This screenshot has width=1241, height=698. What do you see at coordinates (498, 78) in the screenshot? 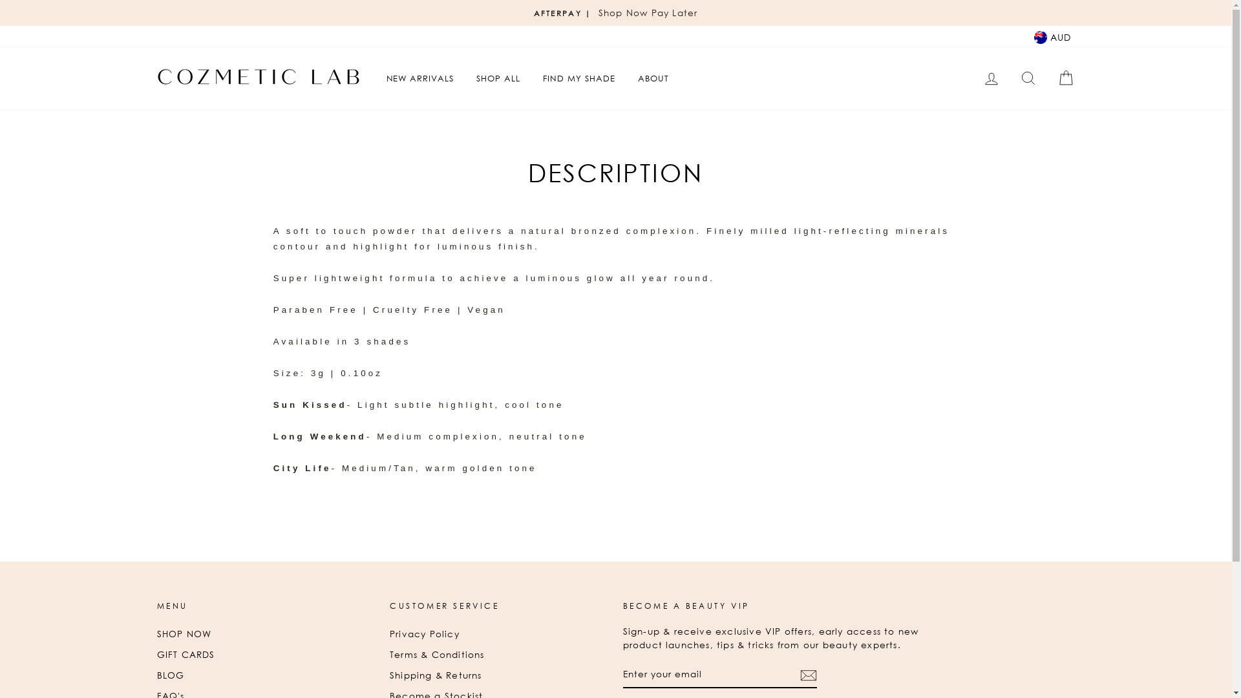
I see `'SHOP ALL'` at bounding box center [498, 78].